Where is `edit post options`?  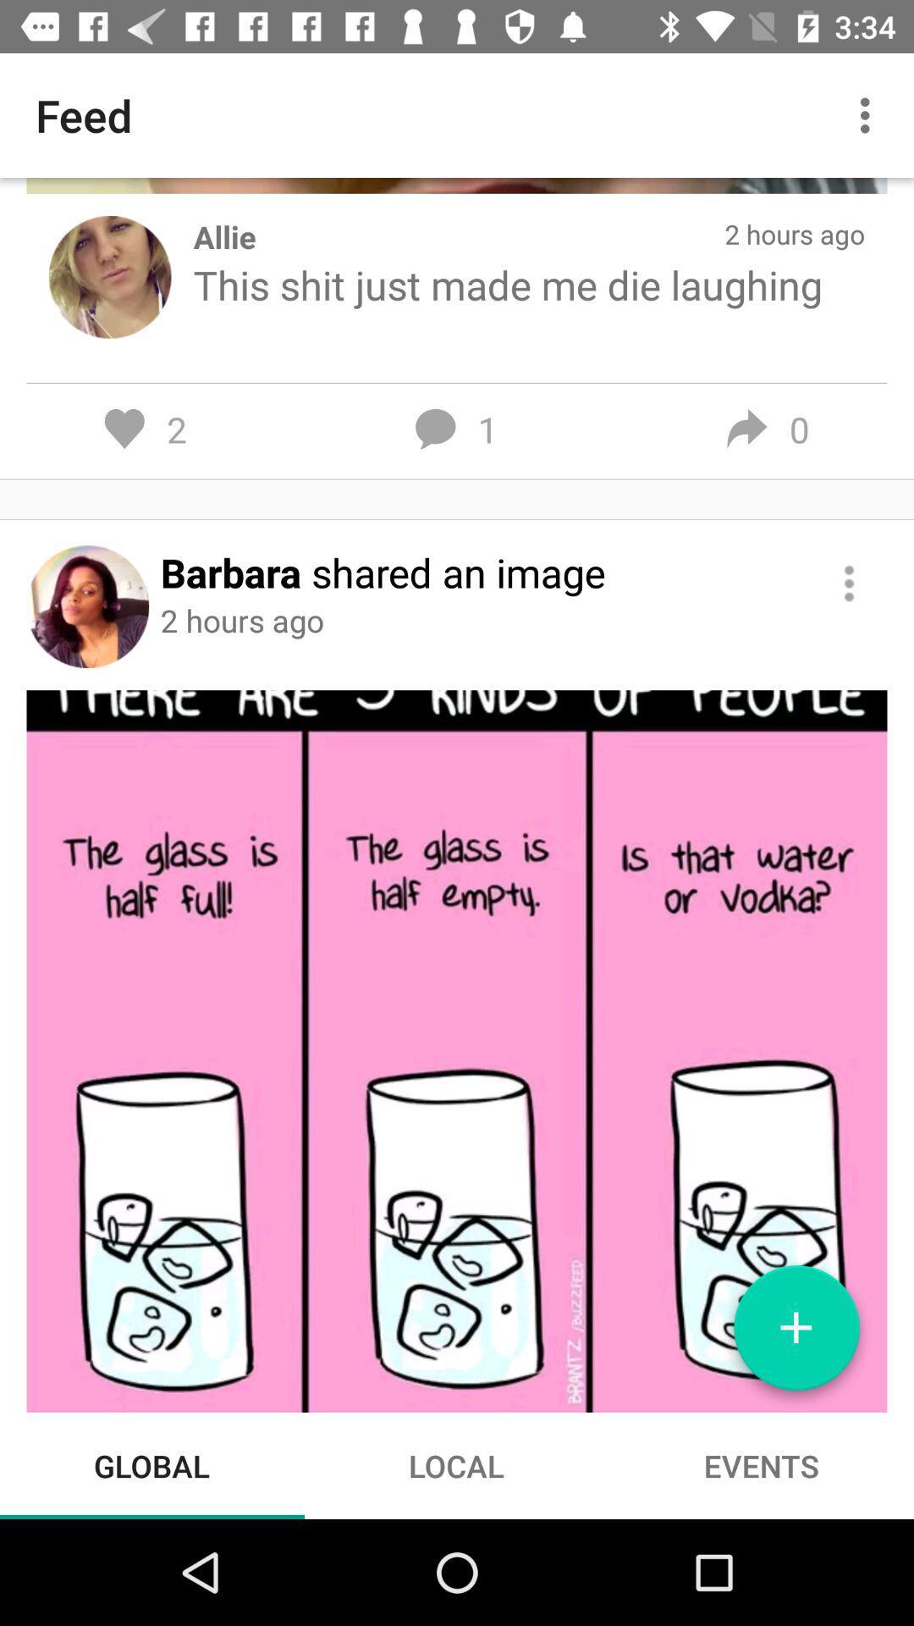
edit post options is located at coordinates (849, 583).